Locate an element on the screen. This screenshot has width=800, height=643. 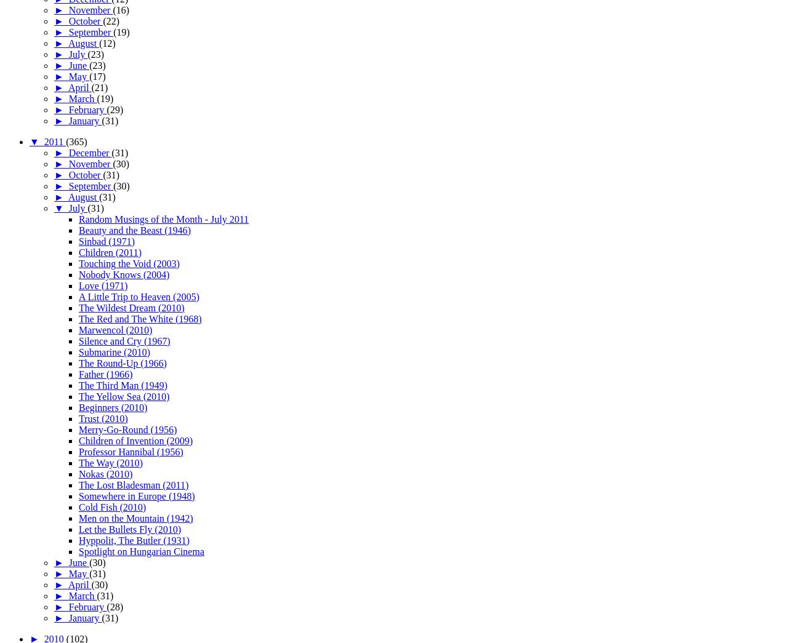
'December' is located at coordinates (89, 151).